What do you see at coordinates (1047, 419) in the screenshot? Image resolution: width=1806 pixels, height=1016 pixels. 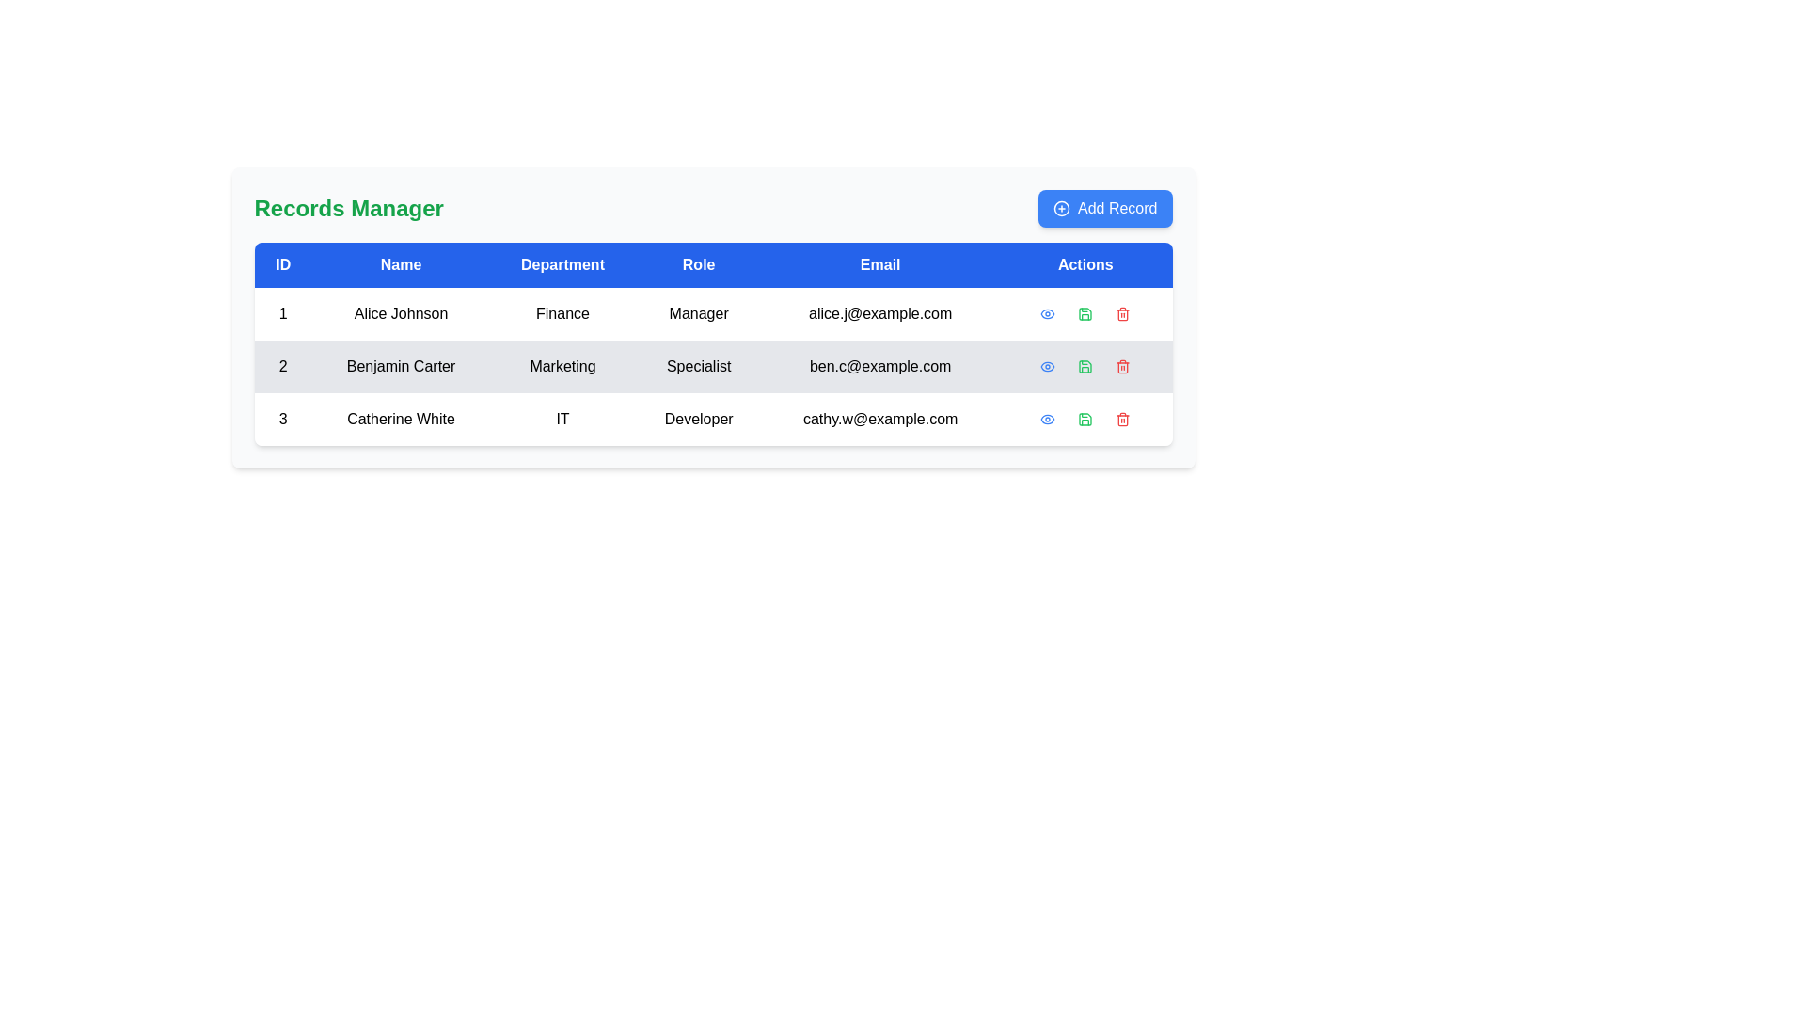 I see `the first button in the 'Actions' column of the third row in the table` at bounding box center [1047, 419].